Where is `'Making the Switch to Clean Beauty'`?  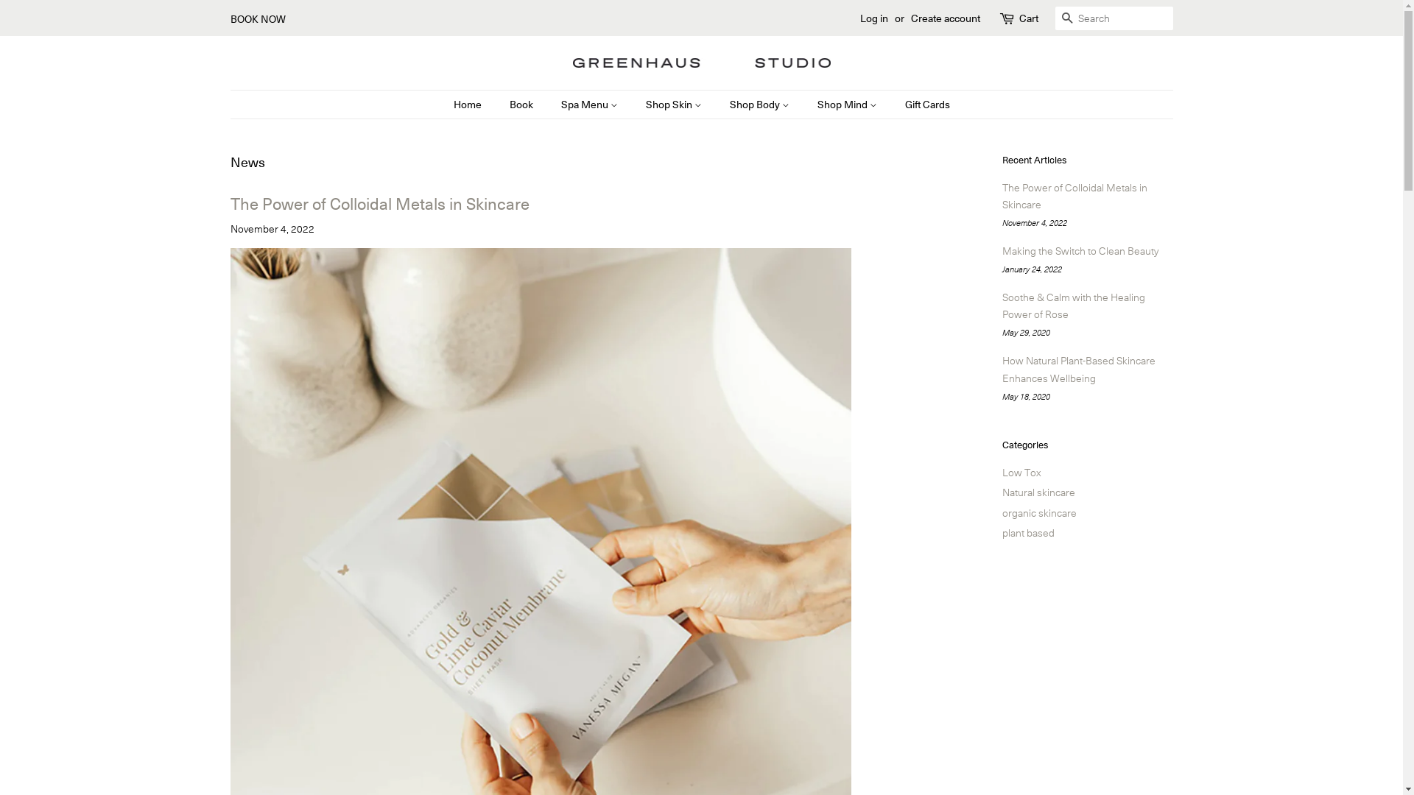 'Making the Switch to Clean Beauty' is located at coordinates (1079, 249).